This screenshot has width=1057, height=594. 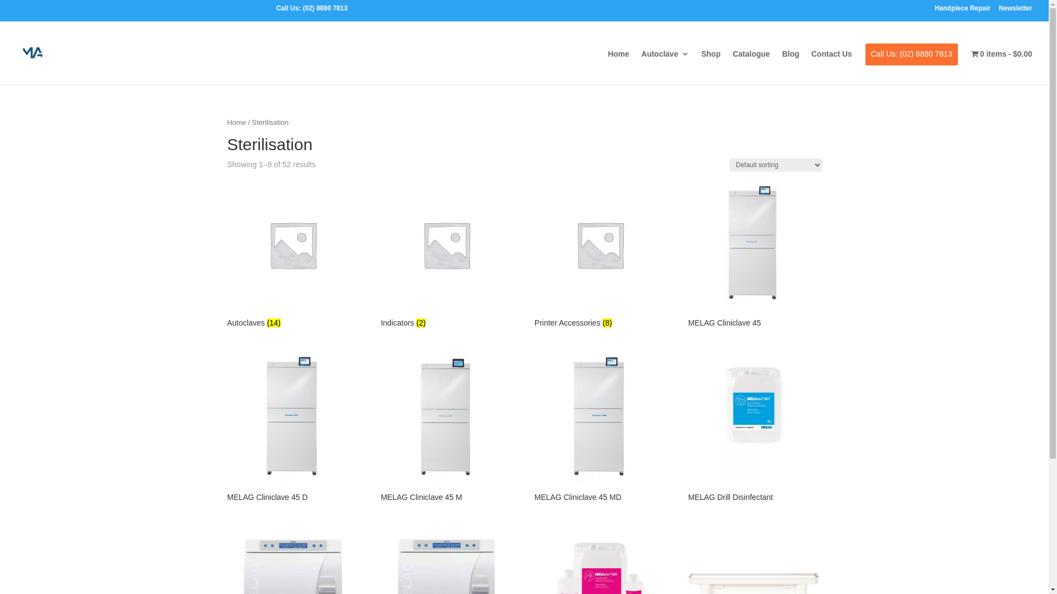 I want to click on 'MELAG Drill Disinfectant', so click(x=753, y=428).